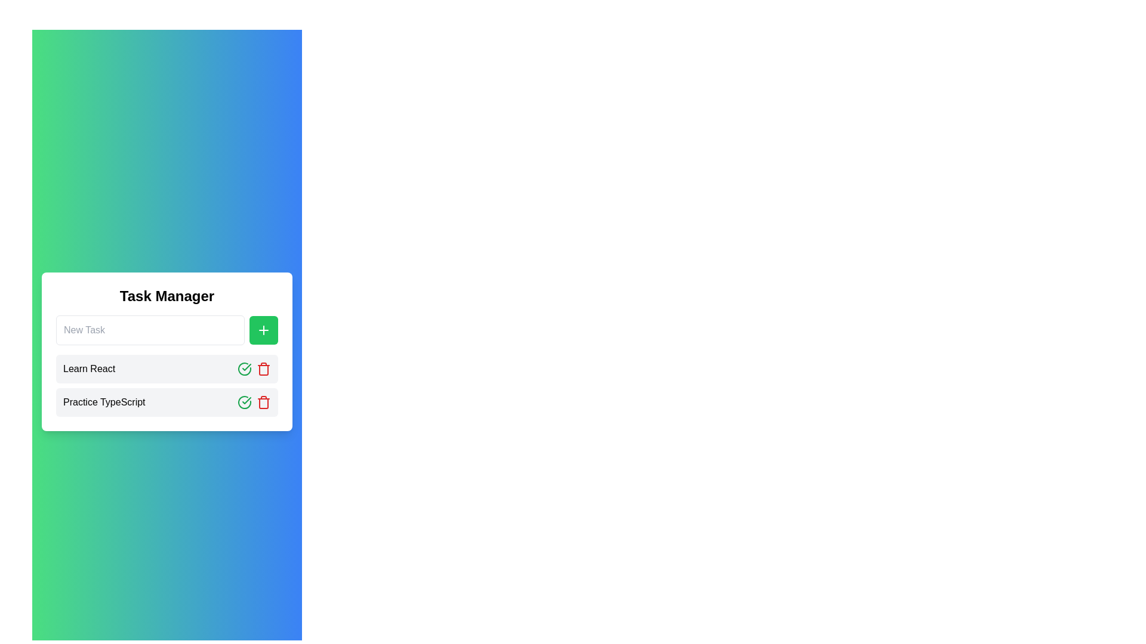  Describe the element at coordinates (88, 368) in the screenshot. I see `the static text label 'Learn React' in the Task Manager section to trigger the tooltip` at that location.